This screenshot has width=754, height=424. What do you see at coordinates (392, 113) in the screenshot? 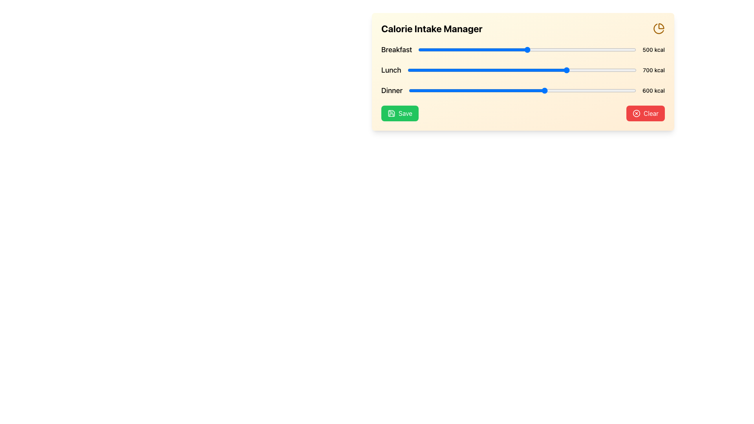
I see `the decorative graphical representation of the save icon located within the green save button, positioned below the sliders labeled Breakfast, Lunch, and Dinner` at bounding box center [392, 113].